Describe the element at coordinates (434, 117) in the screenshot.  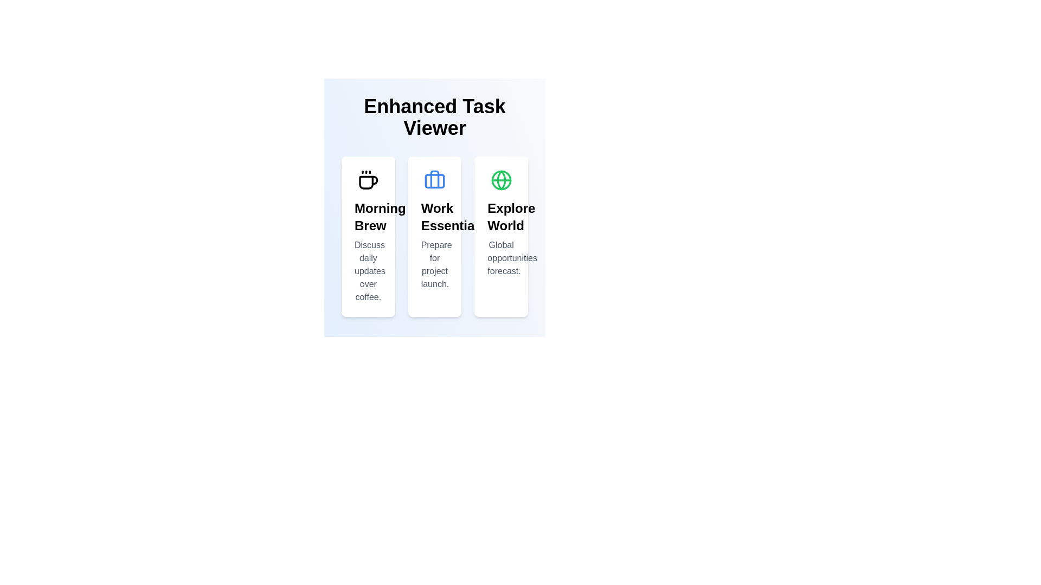
I see `the prominent text header element labeled 'Enhanced Task Viewer', which is styled in large, bold letters and positioned at the top-center of the layout` at that location.